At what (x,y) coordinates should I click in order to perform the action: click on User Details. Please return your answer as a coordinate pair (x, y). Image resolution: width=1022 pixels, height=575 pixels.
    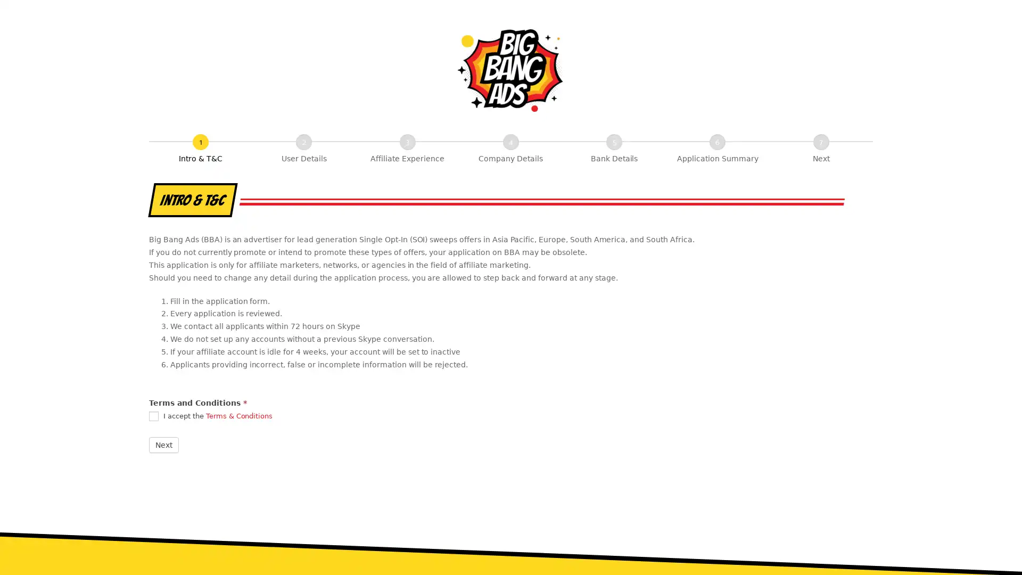
    Looking at the image, I should click on (303, 141).